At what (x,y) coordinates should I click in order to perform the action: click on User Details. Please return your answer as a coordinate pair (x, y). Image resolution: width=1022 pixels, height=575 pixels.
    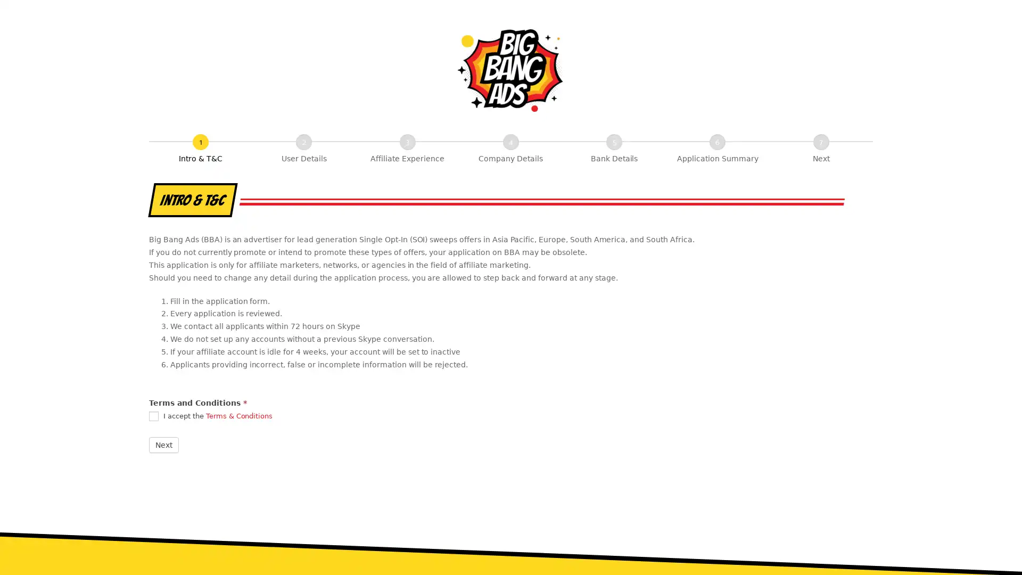
    Looking at the image, I should click on (303, 141).